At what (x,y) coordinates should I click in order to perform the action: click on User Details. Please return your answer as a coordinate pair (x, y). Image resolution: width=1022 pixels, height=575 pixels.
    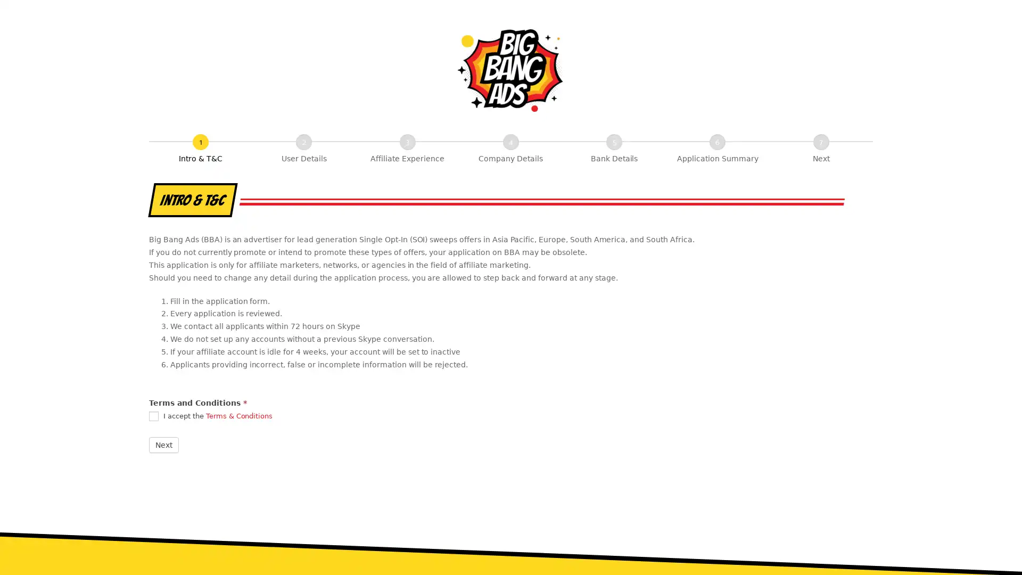
    Looking at the image, I should click on (303, 141).